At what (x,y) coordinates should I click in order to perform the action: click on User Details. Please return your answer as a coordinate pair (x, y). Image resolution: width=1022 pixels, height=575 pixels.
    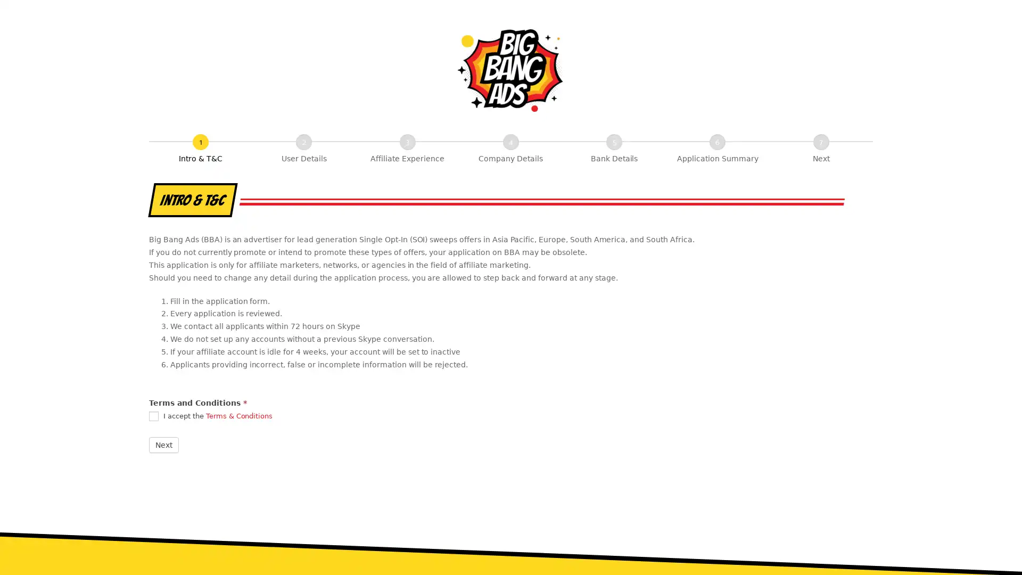
    Looking at the image, I should click on (303, 141).